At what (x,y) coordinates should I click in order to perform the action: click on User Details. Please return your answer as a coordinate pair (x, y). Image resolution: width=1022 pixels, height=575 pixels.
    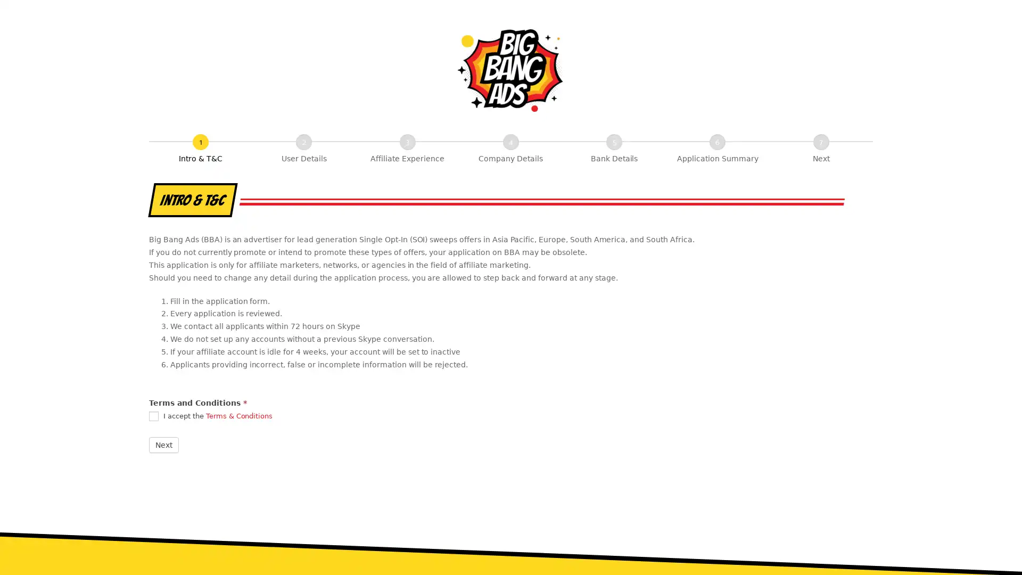
    Looking at the image, I should click on (303, 141).